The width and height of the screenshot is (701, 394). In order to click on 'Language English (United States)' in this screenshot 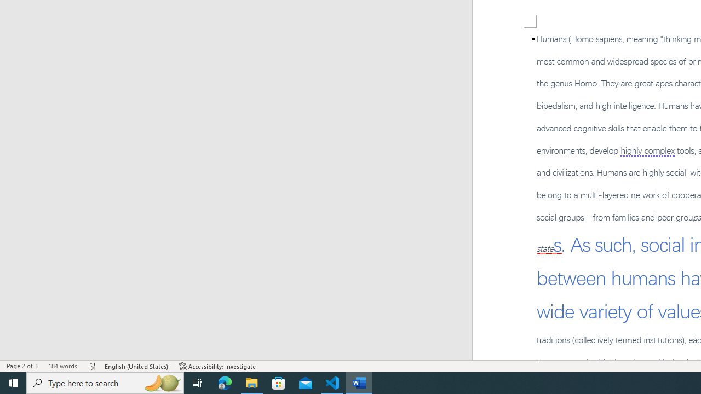, I will do `click(136, 366)`.